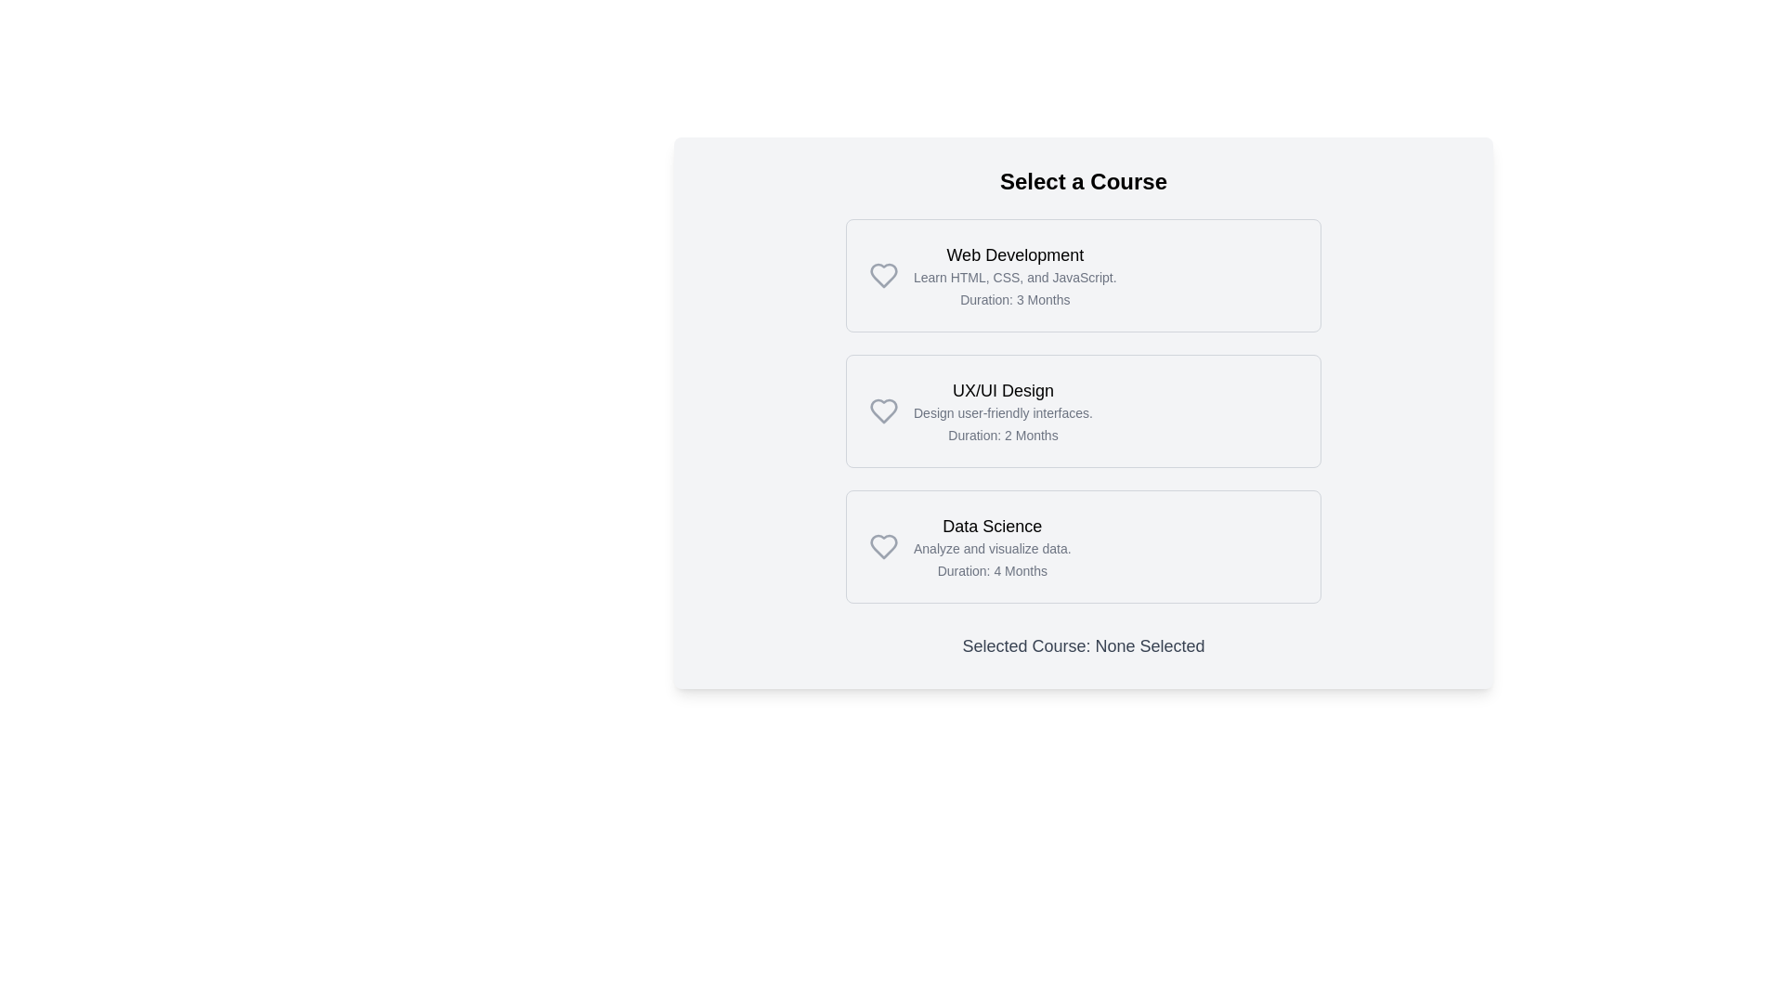 This screenshot has height=1003, width=1783. I want to click on the text element 'Data Science', which serves as the title for the course information card, located at the top-left of the card, so click(991, 527).